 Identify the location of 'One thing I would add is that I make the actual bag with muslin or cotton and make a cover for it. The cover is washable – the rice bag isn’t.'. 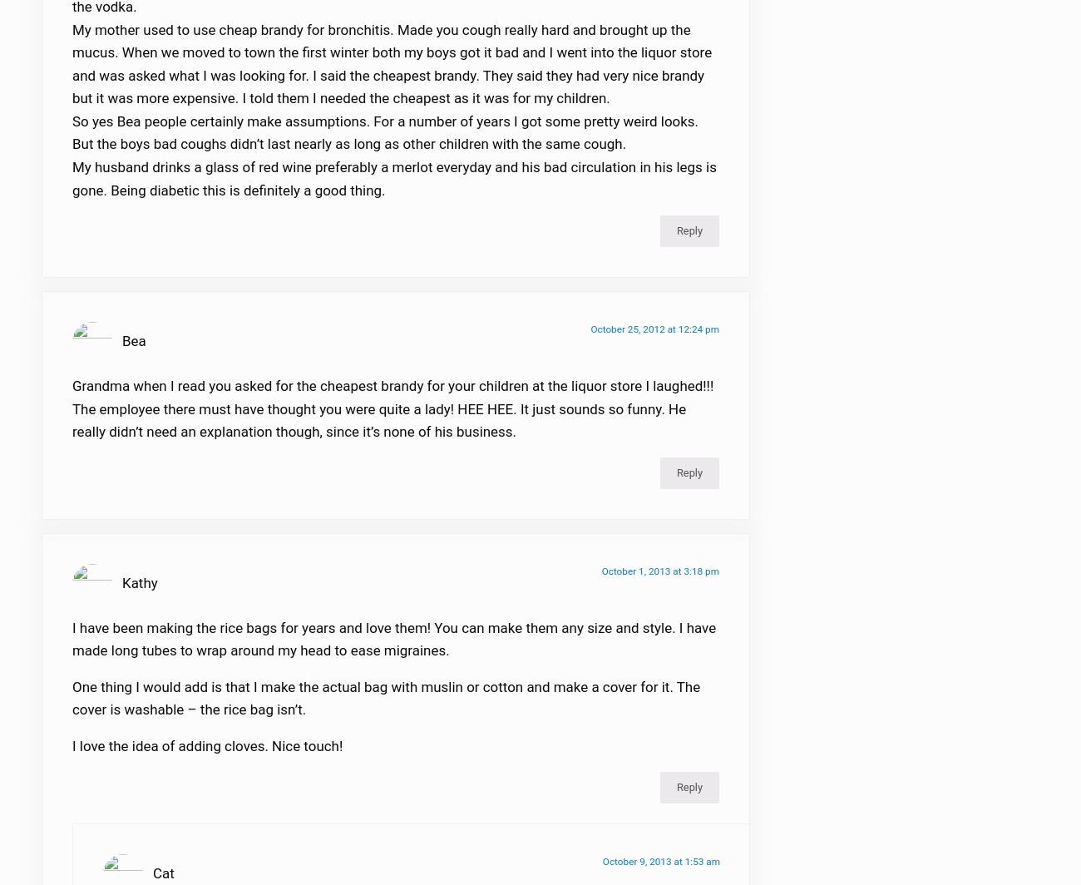
(385, 708).